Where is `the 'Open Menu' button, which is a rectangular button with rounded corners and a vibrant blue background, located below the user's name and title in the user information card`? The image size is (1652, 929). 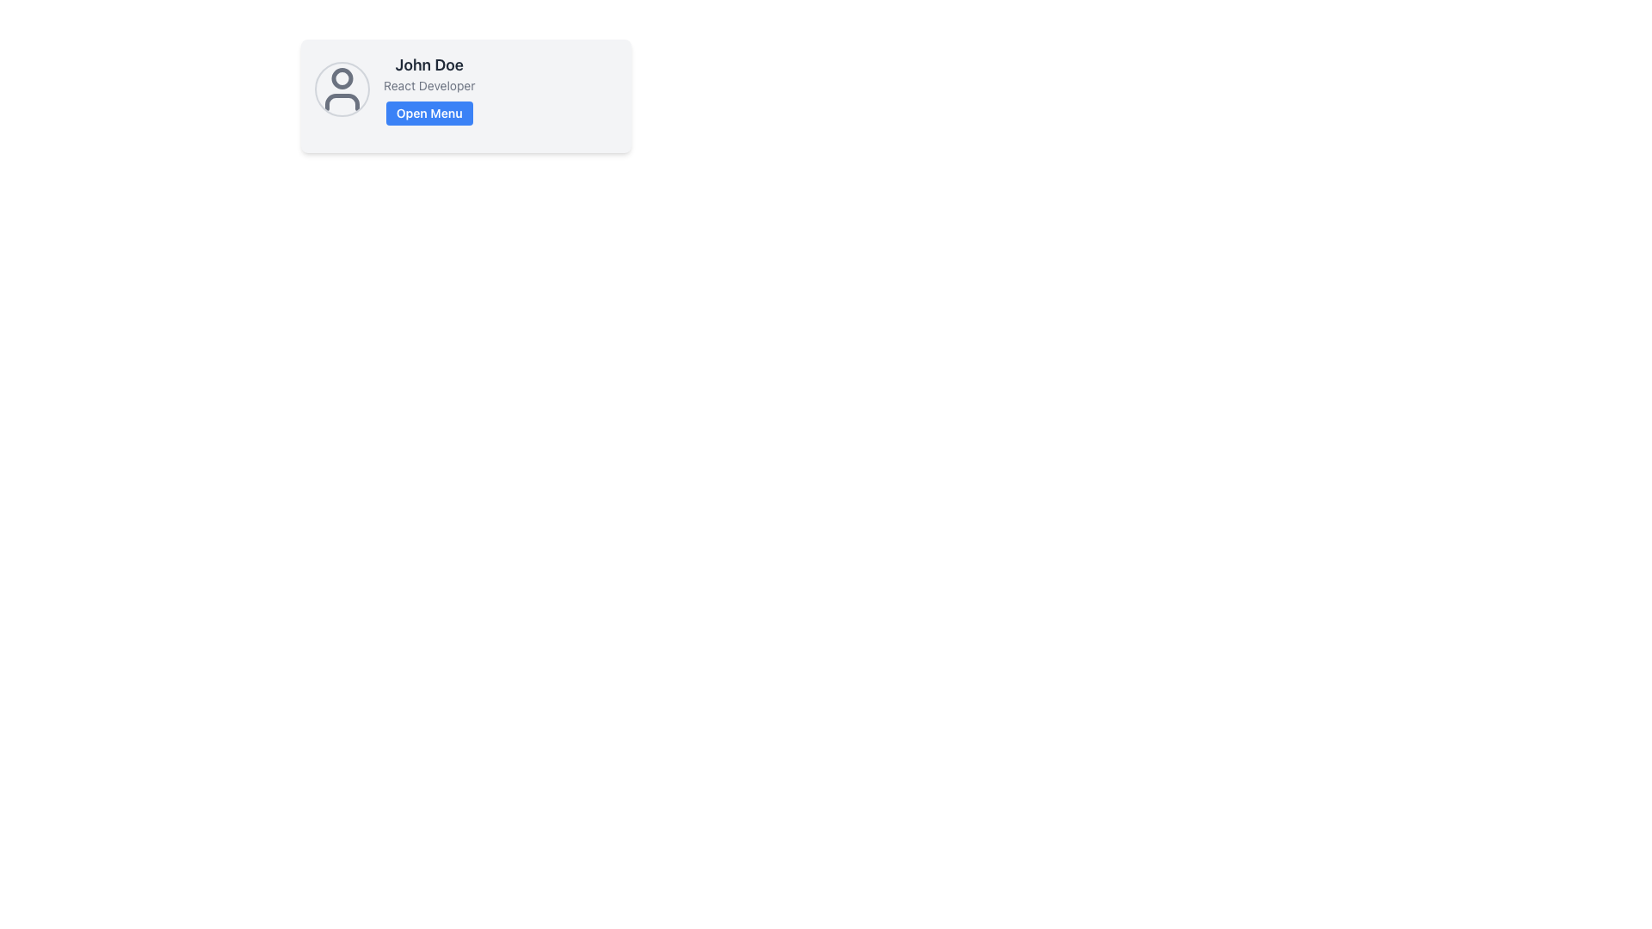 the 'Open Menu' button, which is a rectangular button with rounded corners and a vibrant blue background, located below the user's name and title in the user information card is located at coordinates (429, 113).